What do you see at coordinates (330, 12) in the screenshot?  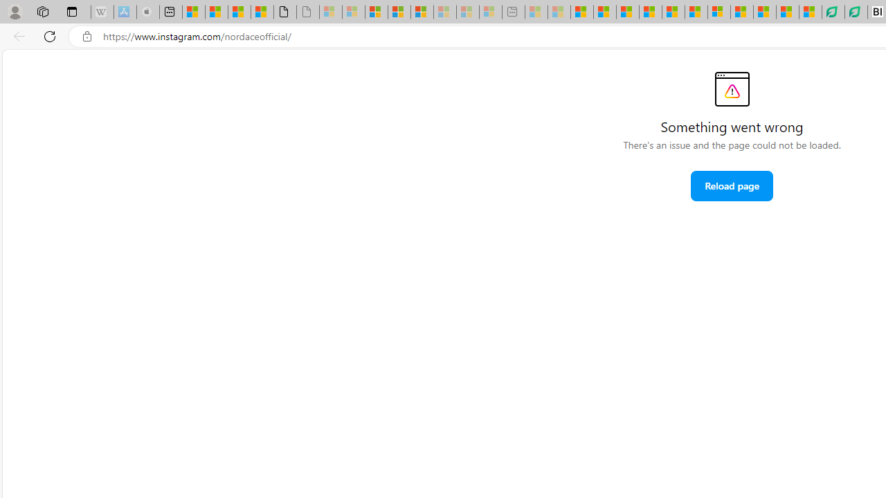 I see `'Sign in to your Microsoft account - Sleeping'` at bounding box center [330, 12].